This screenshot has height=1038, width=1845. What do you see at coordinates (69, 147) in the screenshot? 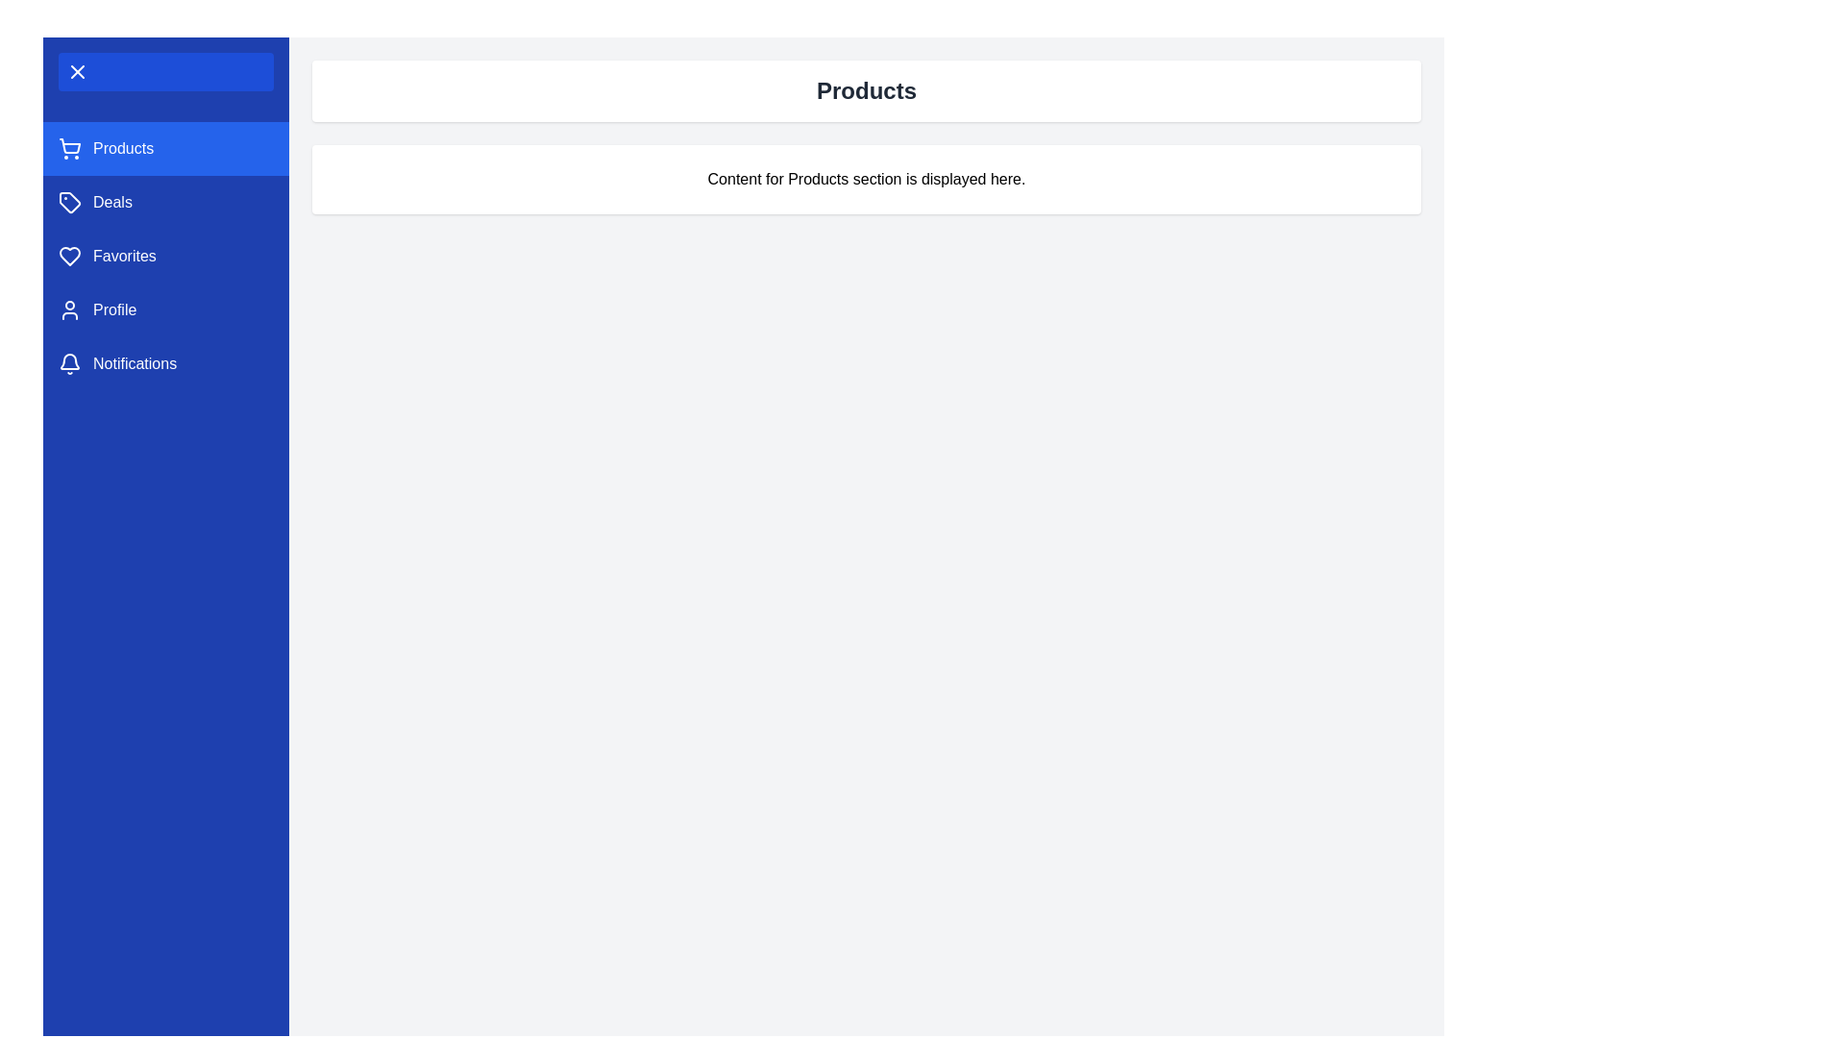
I see `the 'Products' icon in the vertical navigation menu` at bounding box center [69, 147].